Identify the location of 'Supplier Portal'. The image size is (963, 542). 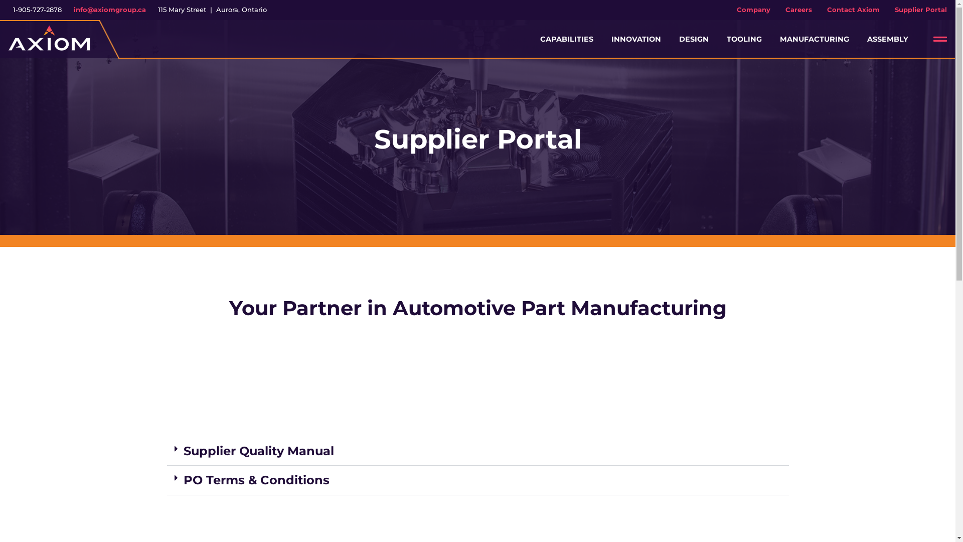
(921, 10).